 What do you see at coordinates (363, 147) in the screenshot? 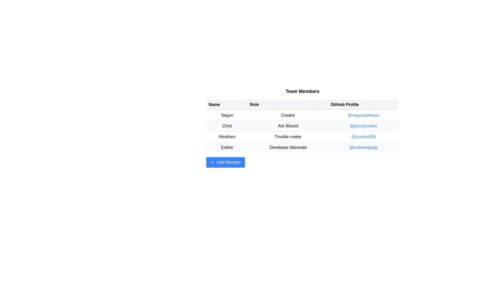
I see `the hyperlink '@estheragbaje' located` at bounding box center [363, 147].